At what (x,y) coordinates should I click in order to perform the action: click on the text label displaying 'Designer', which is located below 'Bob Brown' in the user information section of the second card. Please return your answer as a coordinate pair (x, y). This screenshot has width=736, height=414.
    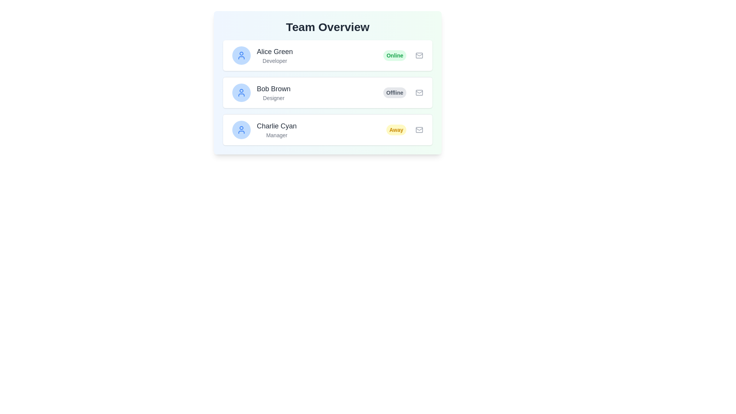
    Looking at the image, I should click on (274, 97).